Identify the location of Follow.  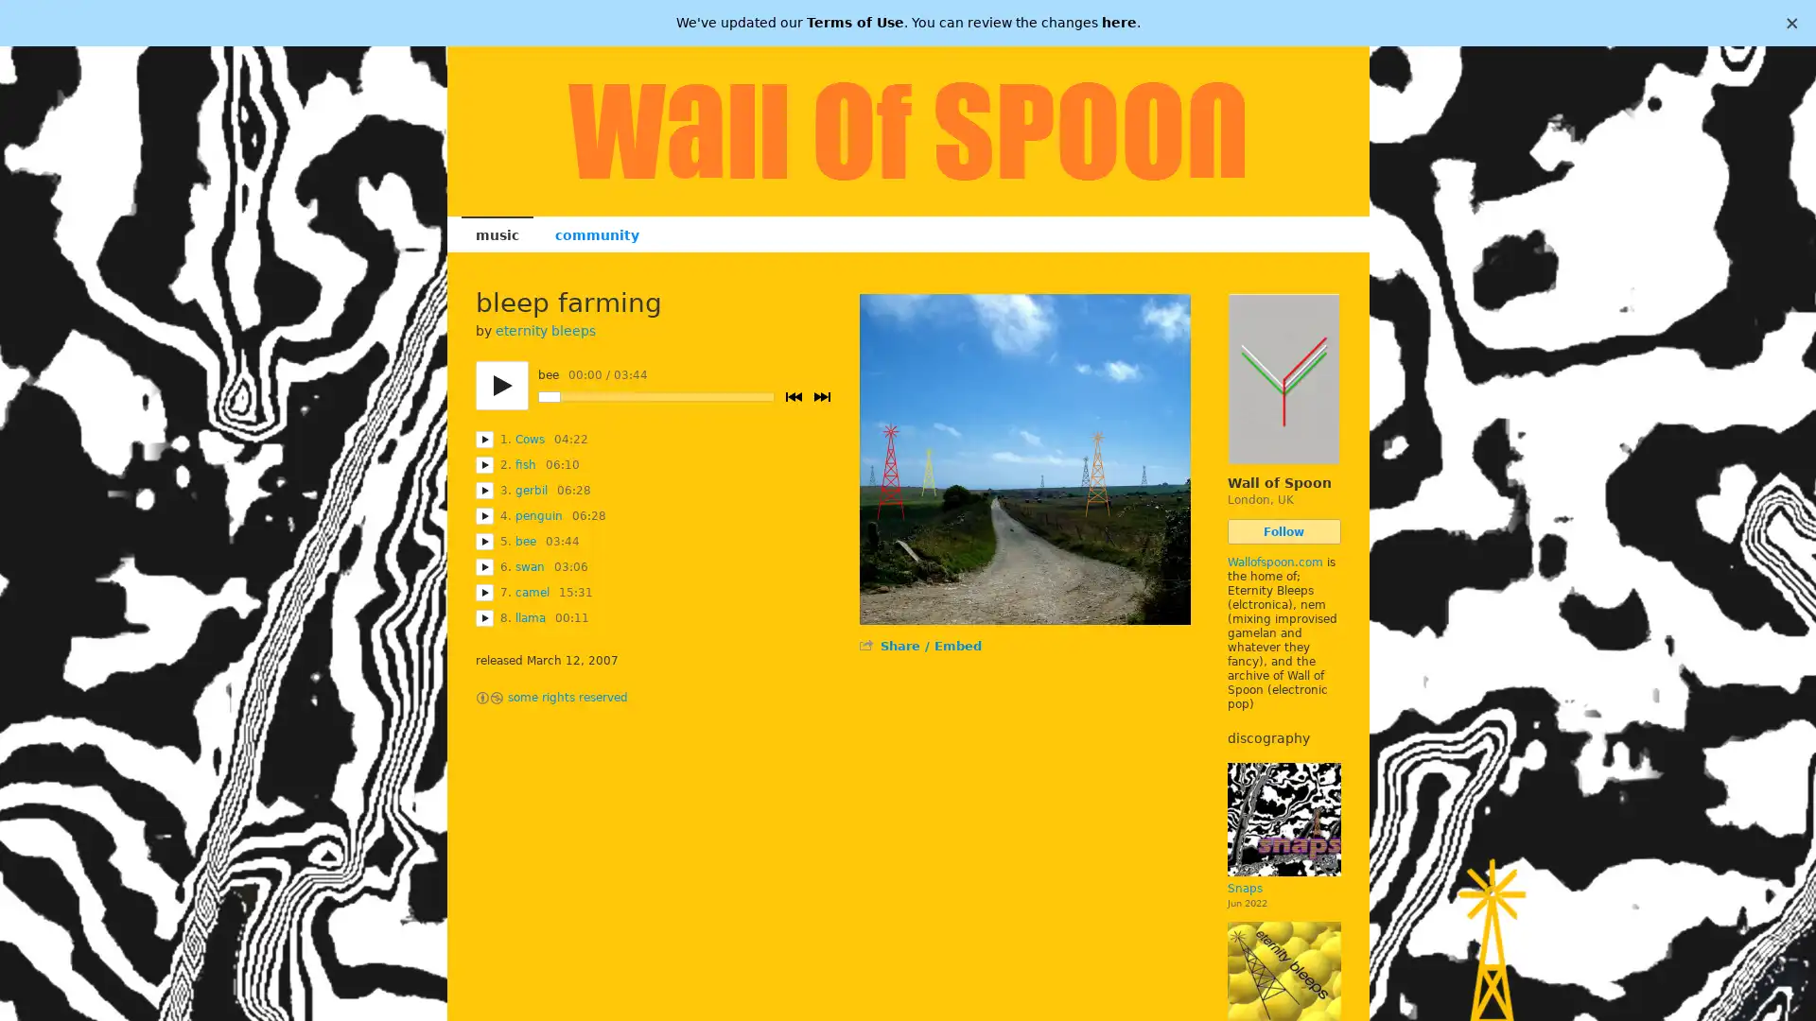
(1283, 531).